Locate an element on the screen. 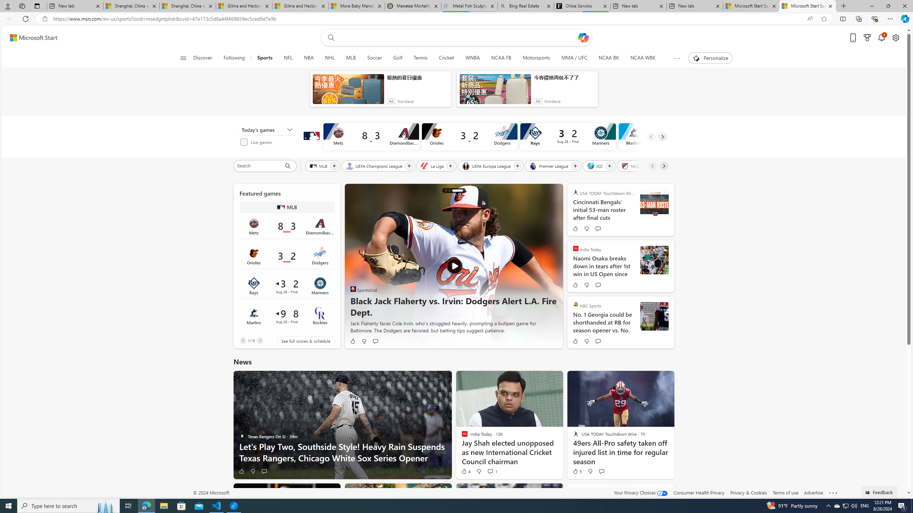 The height and width of the screenshot is (513, 913). 'Follow La Liga' is located at coordinates (450, 166).